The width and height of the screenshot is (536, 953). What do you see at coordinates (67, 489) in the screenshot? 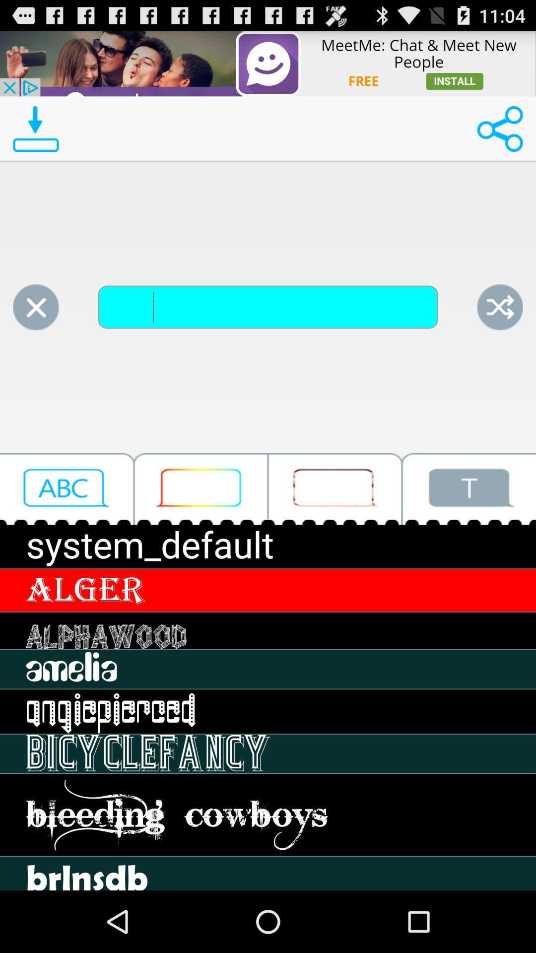
I see `open the font selection menu` at bounding box center [67, 489].